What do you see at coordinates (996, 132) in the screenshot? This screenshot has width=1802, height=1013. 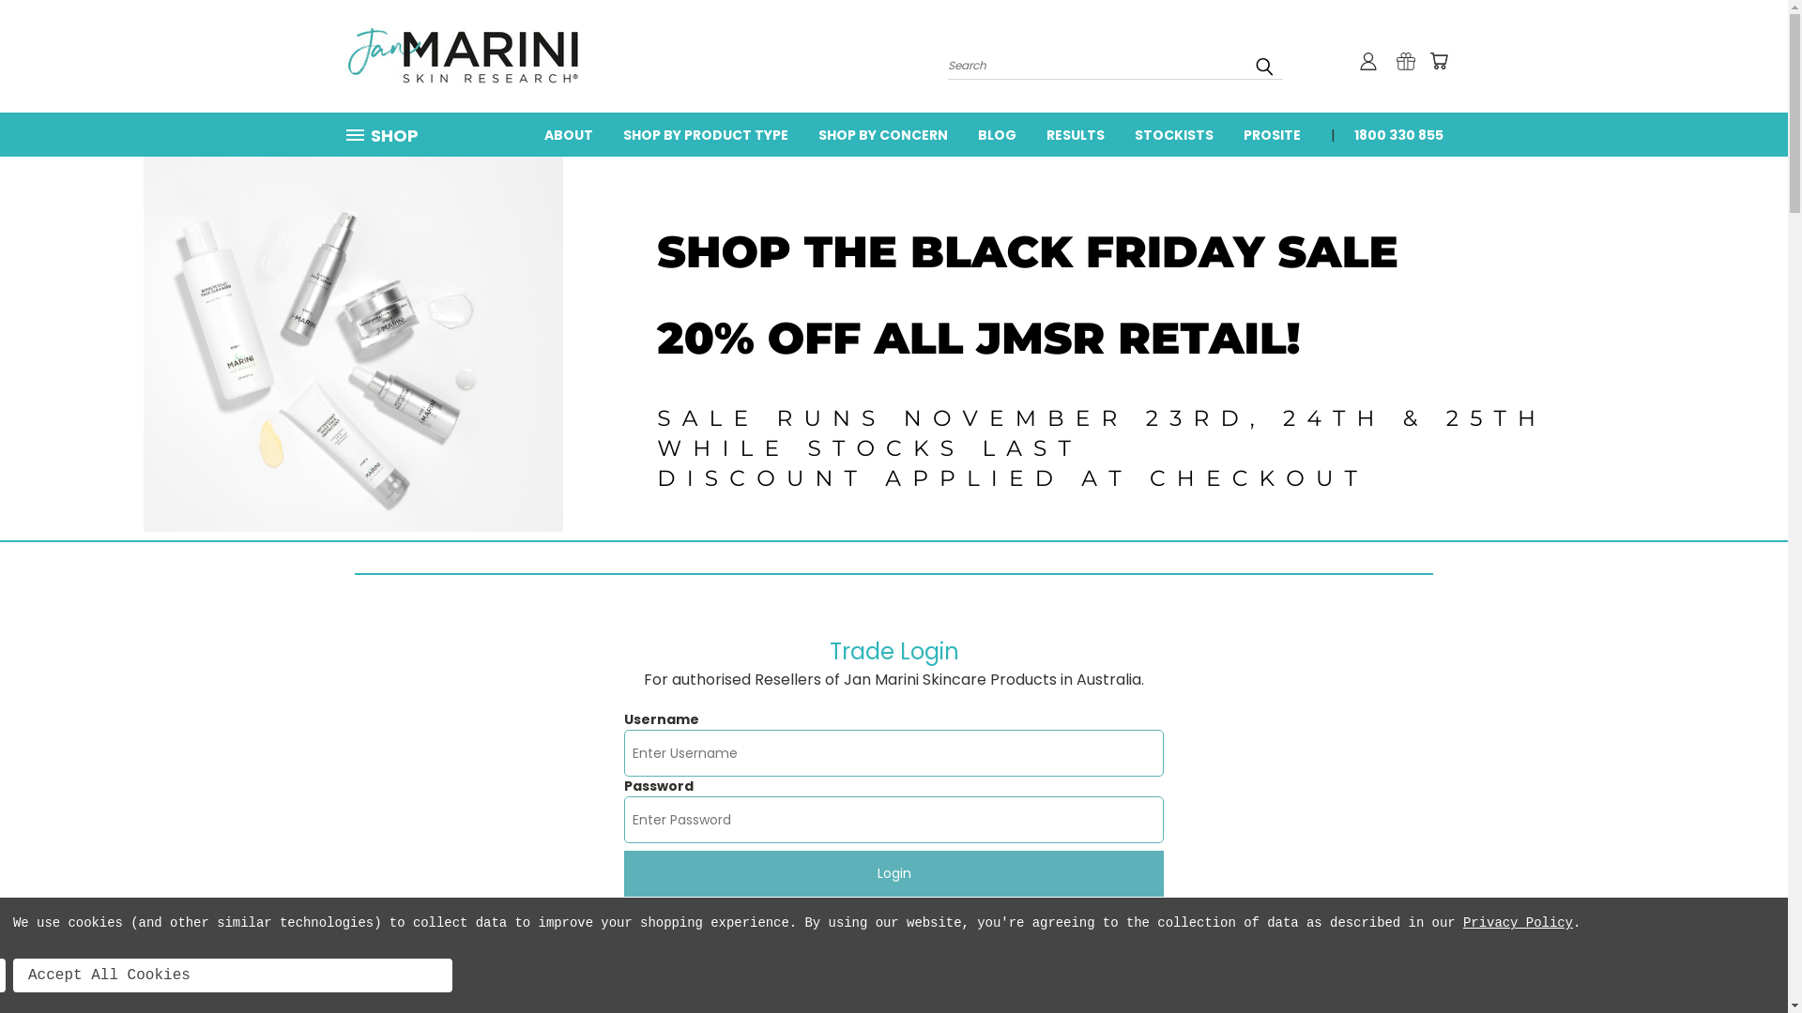 I see `'BLOG'` at bounding box center [996, 132].